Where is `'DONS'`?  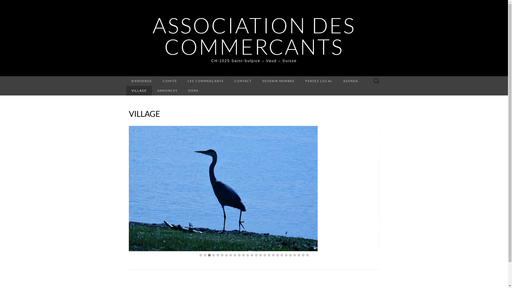
'DONS' is located at coordinates (193, 90).